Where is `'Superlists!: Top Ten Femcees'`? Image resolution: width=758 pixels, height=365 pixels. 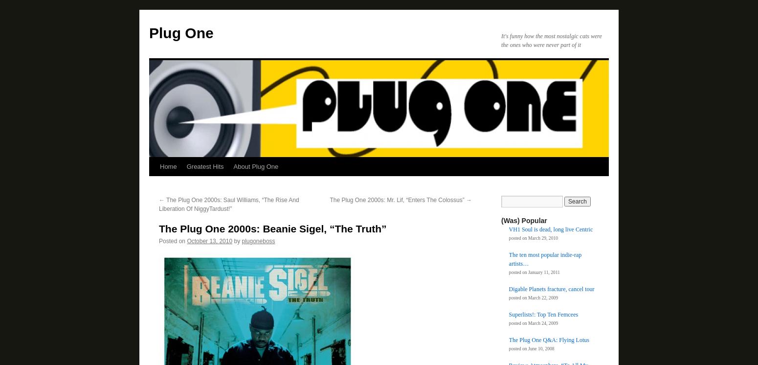 'Superlists!: Top Ten Femcees' is located at coordinates (543, 314).